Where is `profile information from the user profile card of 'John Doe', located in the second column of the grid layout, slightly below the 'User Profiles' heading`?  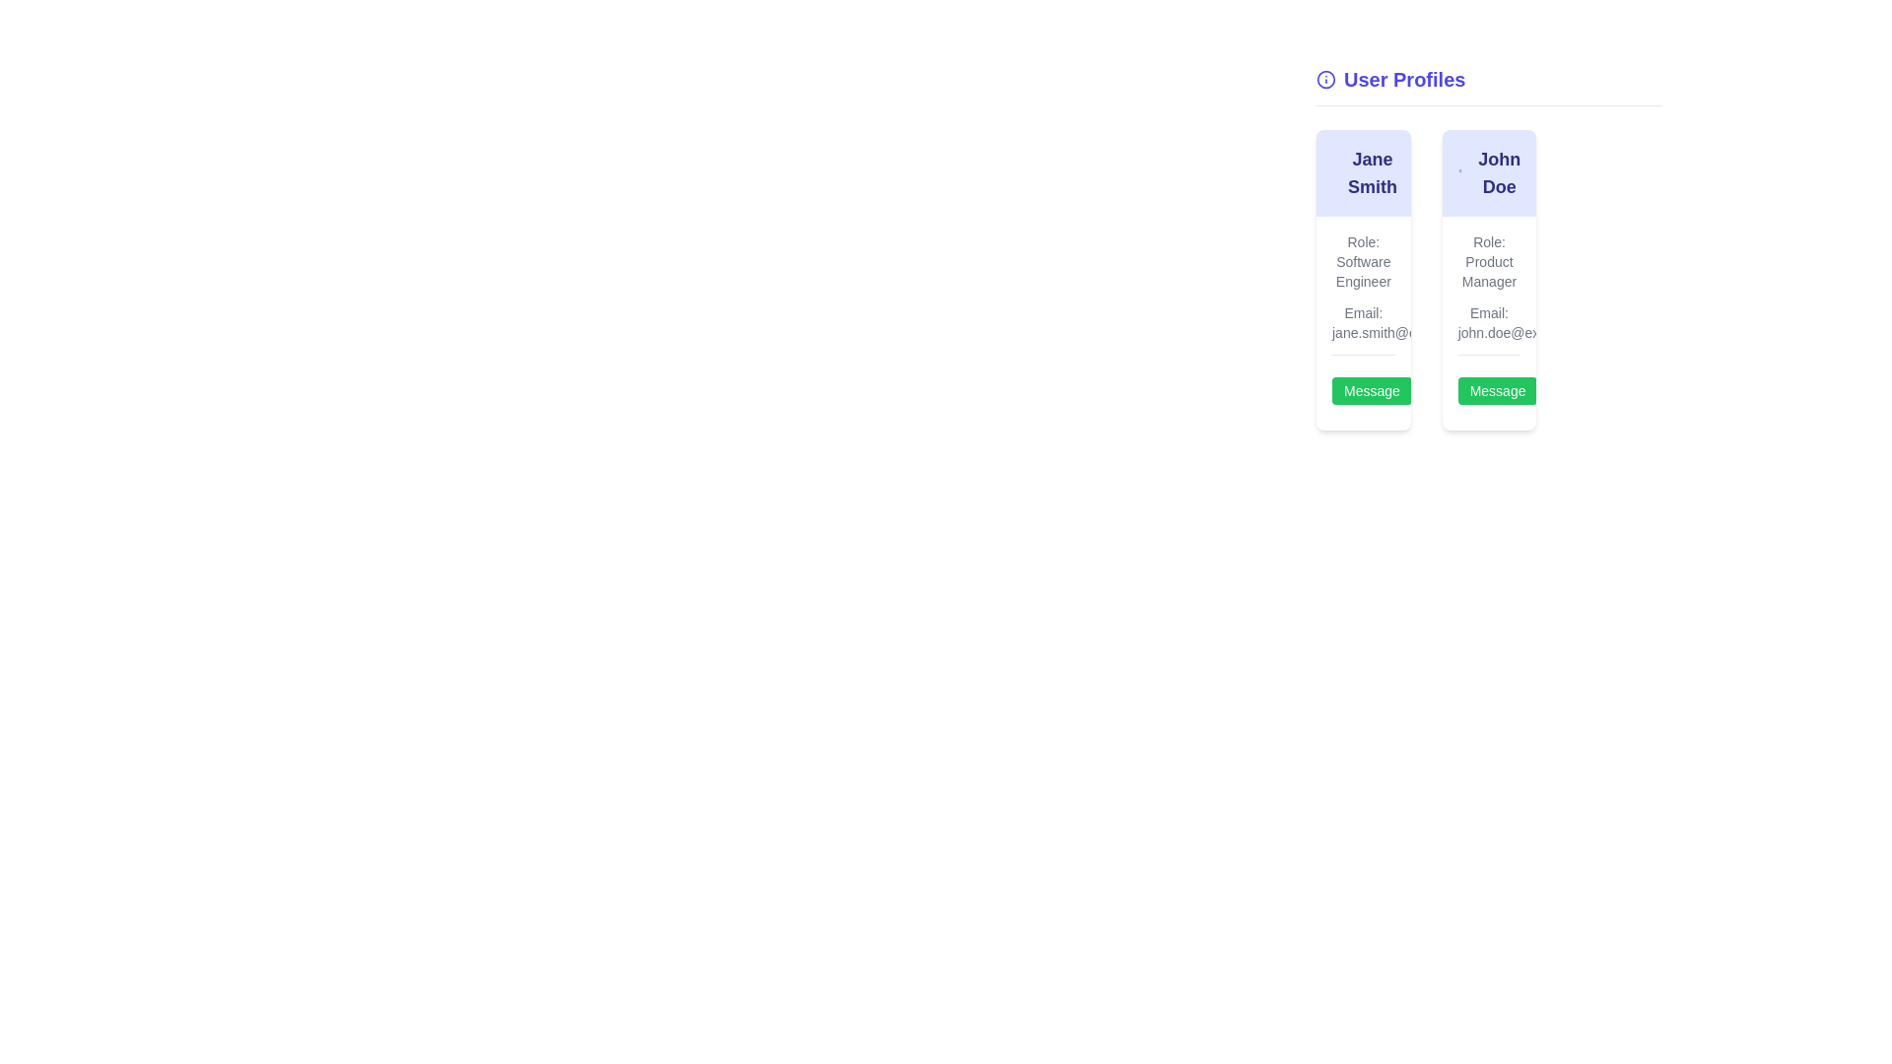 profile information from the user profile card of 'John Doe', located in the second column of the grid layout, slightly below the 'User Profiles' heading is located at coordinates (1489, 280).